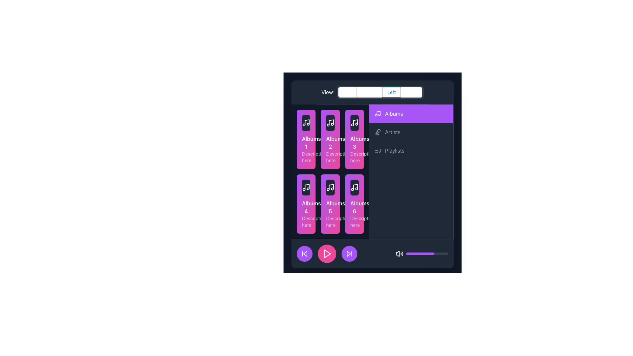  Describe the element at coordinates (330, 157) in the screenshot. I see `the static text label that reads 'Description here', located beneath the bold label 'Albums 2' within the second card of the grid layout` at that location.